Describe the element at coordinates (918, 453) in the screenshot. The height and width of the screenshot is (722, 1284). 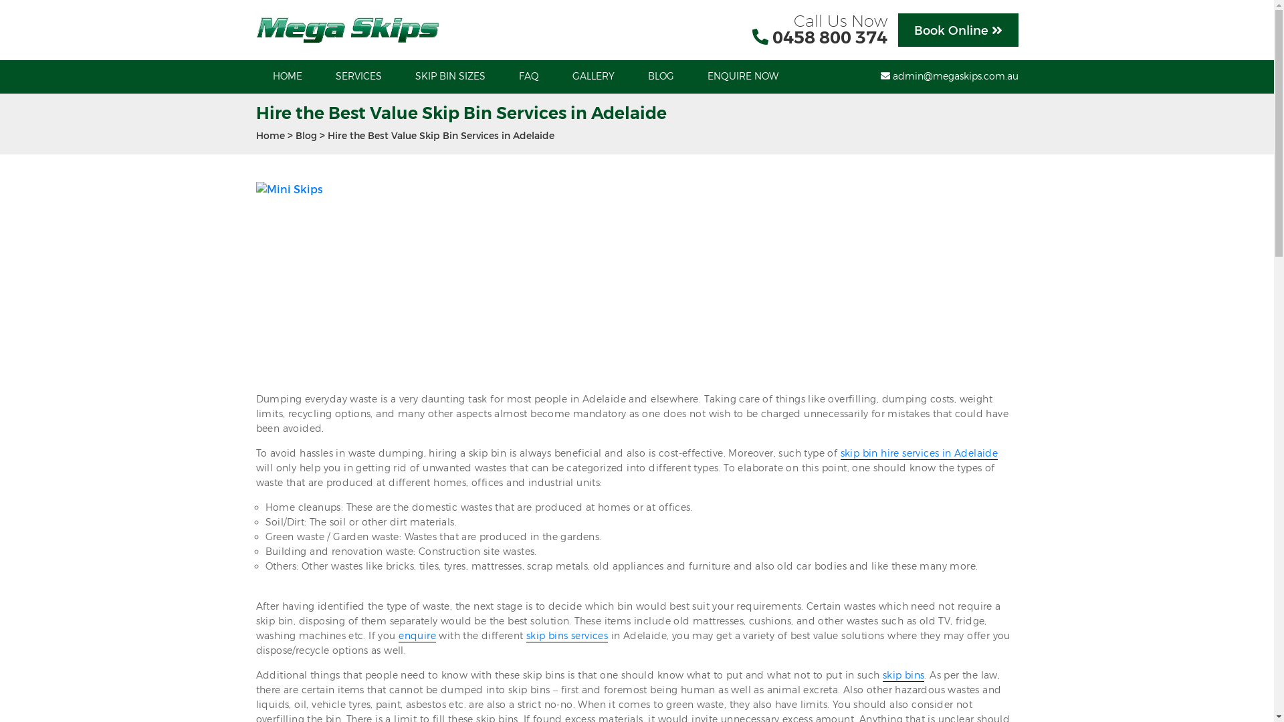
I see `'skip bin hire services in Adelaide'` at that location.